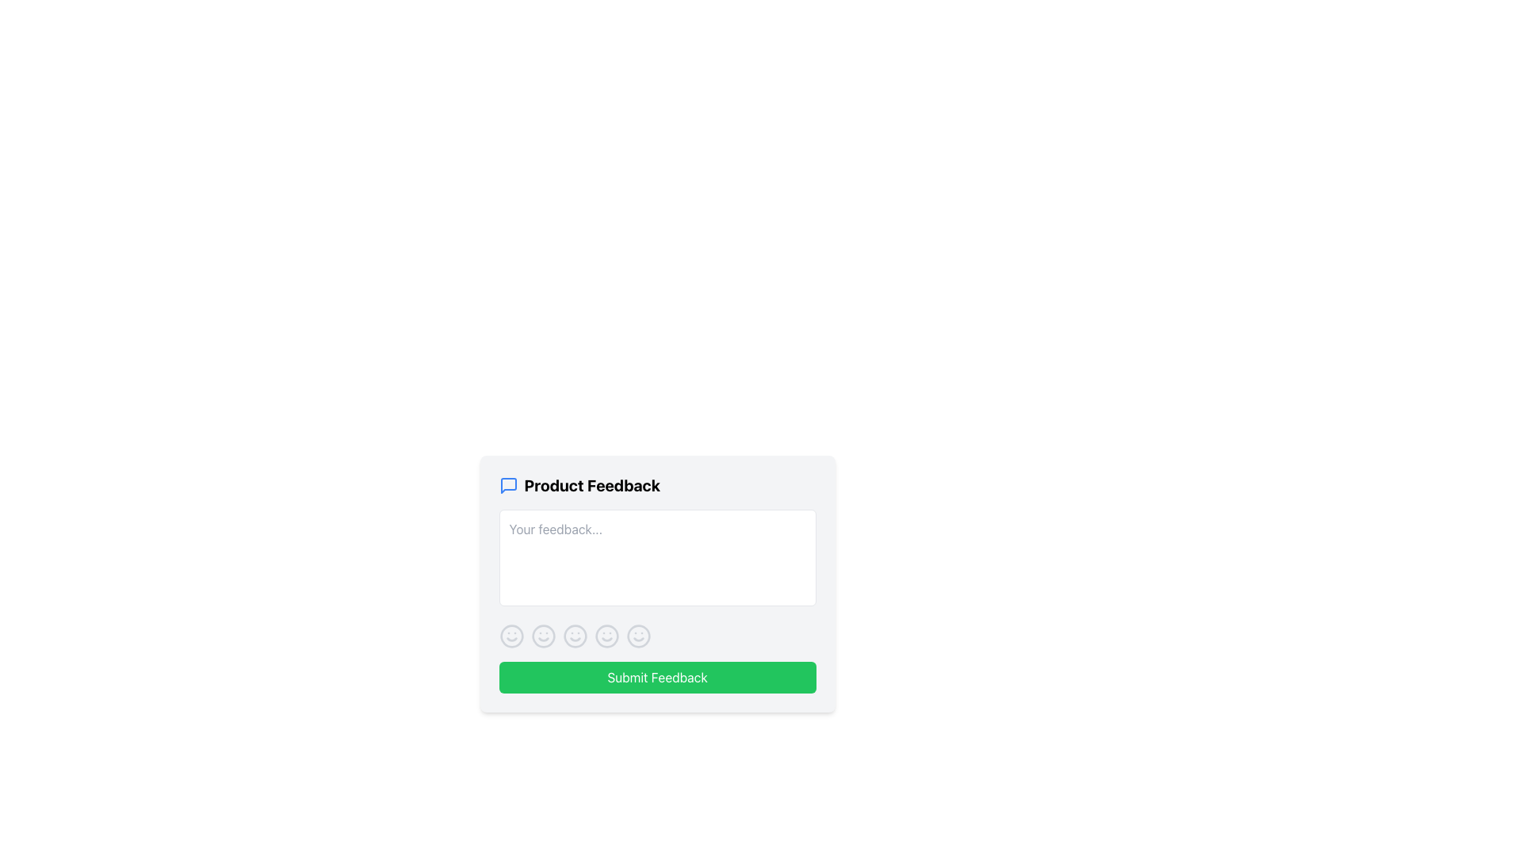  I want to click on the smiling face icon, which is the leftmost among a row of five mood/feedback selection icons, so click(511, 635).